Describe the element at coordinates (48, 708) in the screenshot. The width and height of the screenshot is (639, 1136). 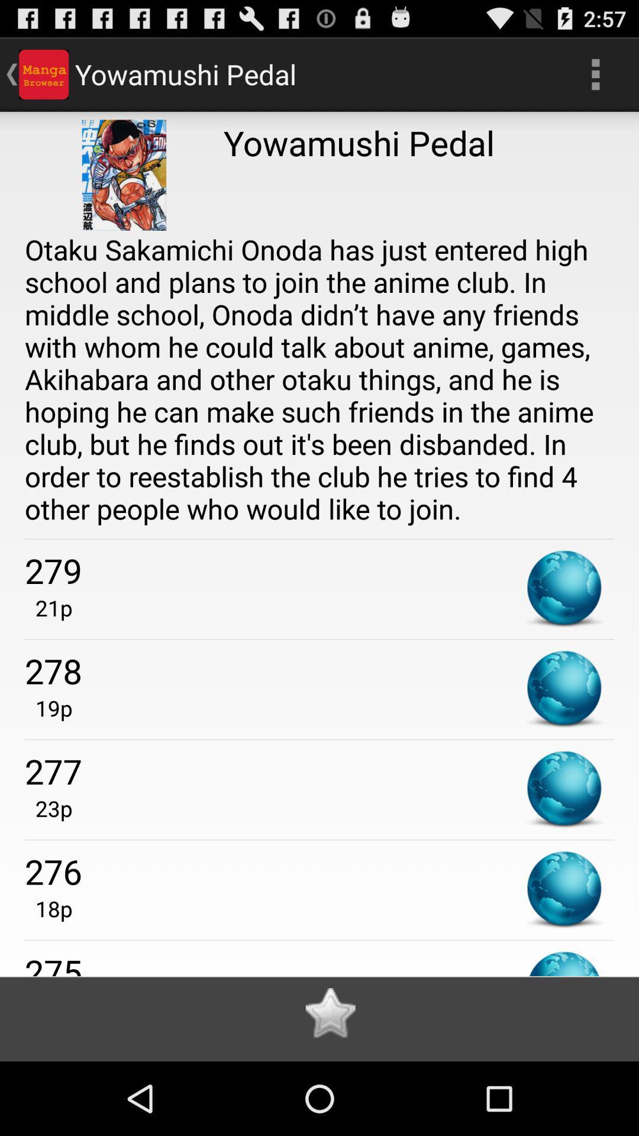
I see `the icon above the 277 icon` at that location.